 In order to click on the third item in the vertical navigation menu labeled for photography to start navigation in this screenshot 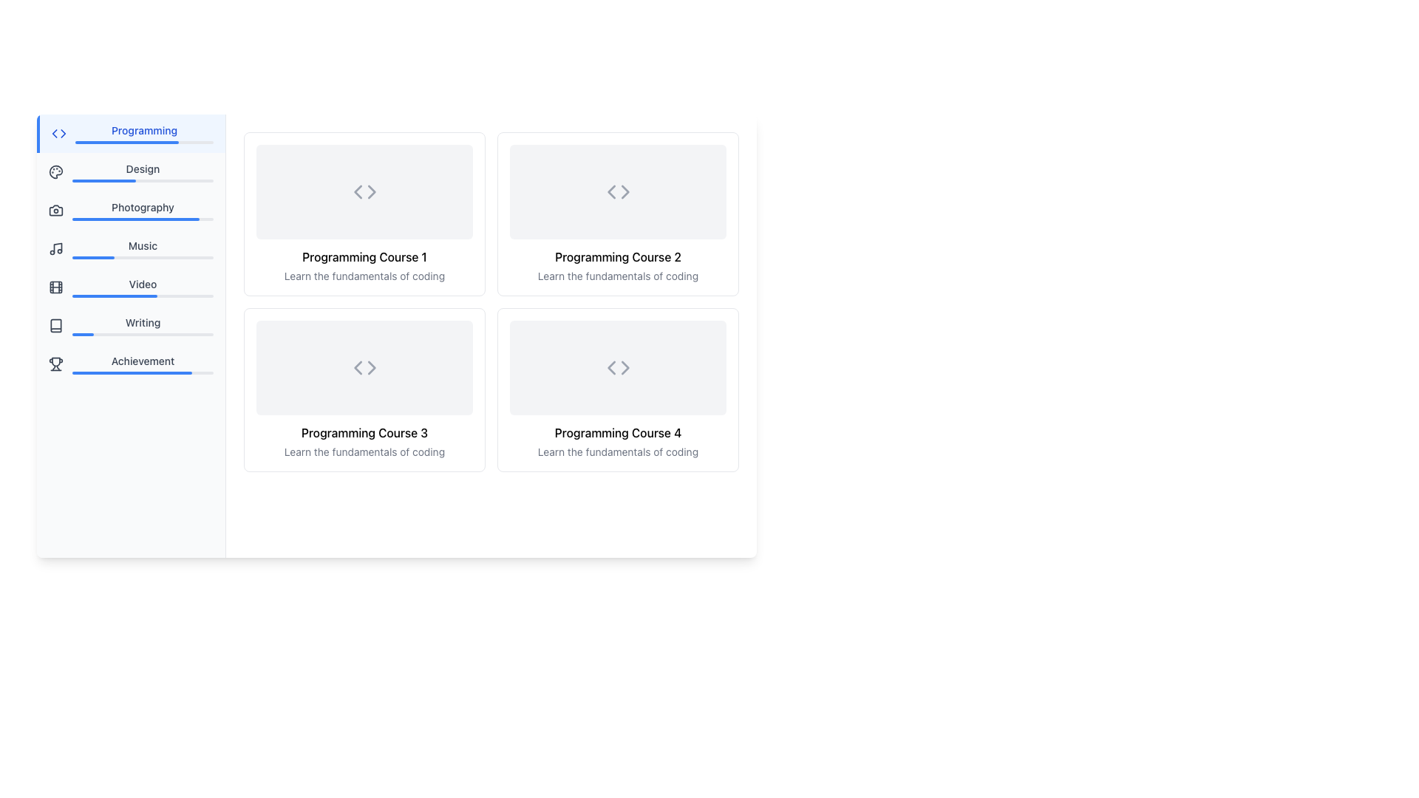, I will do `click(143, 208)`.